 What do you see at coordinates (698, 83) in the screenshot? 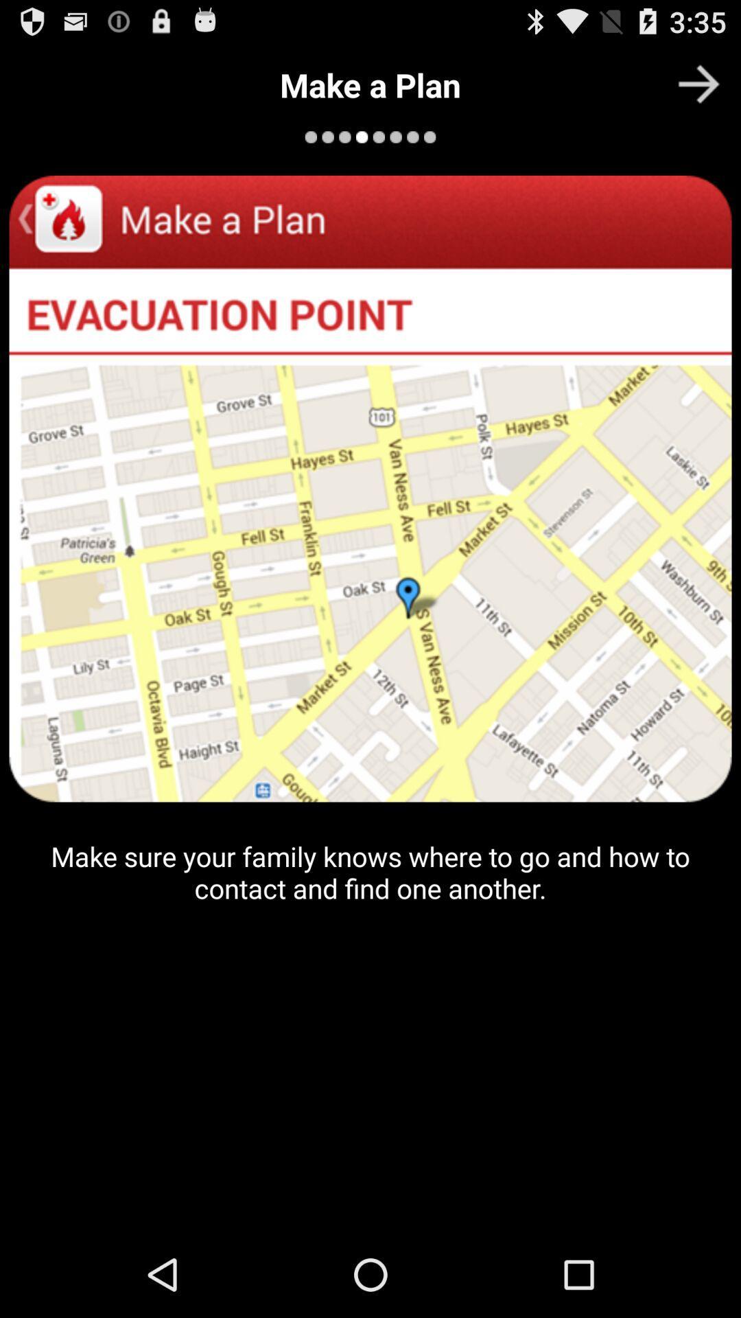
I see `next button` at bounding box center [698, 83].